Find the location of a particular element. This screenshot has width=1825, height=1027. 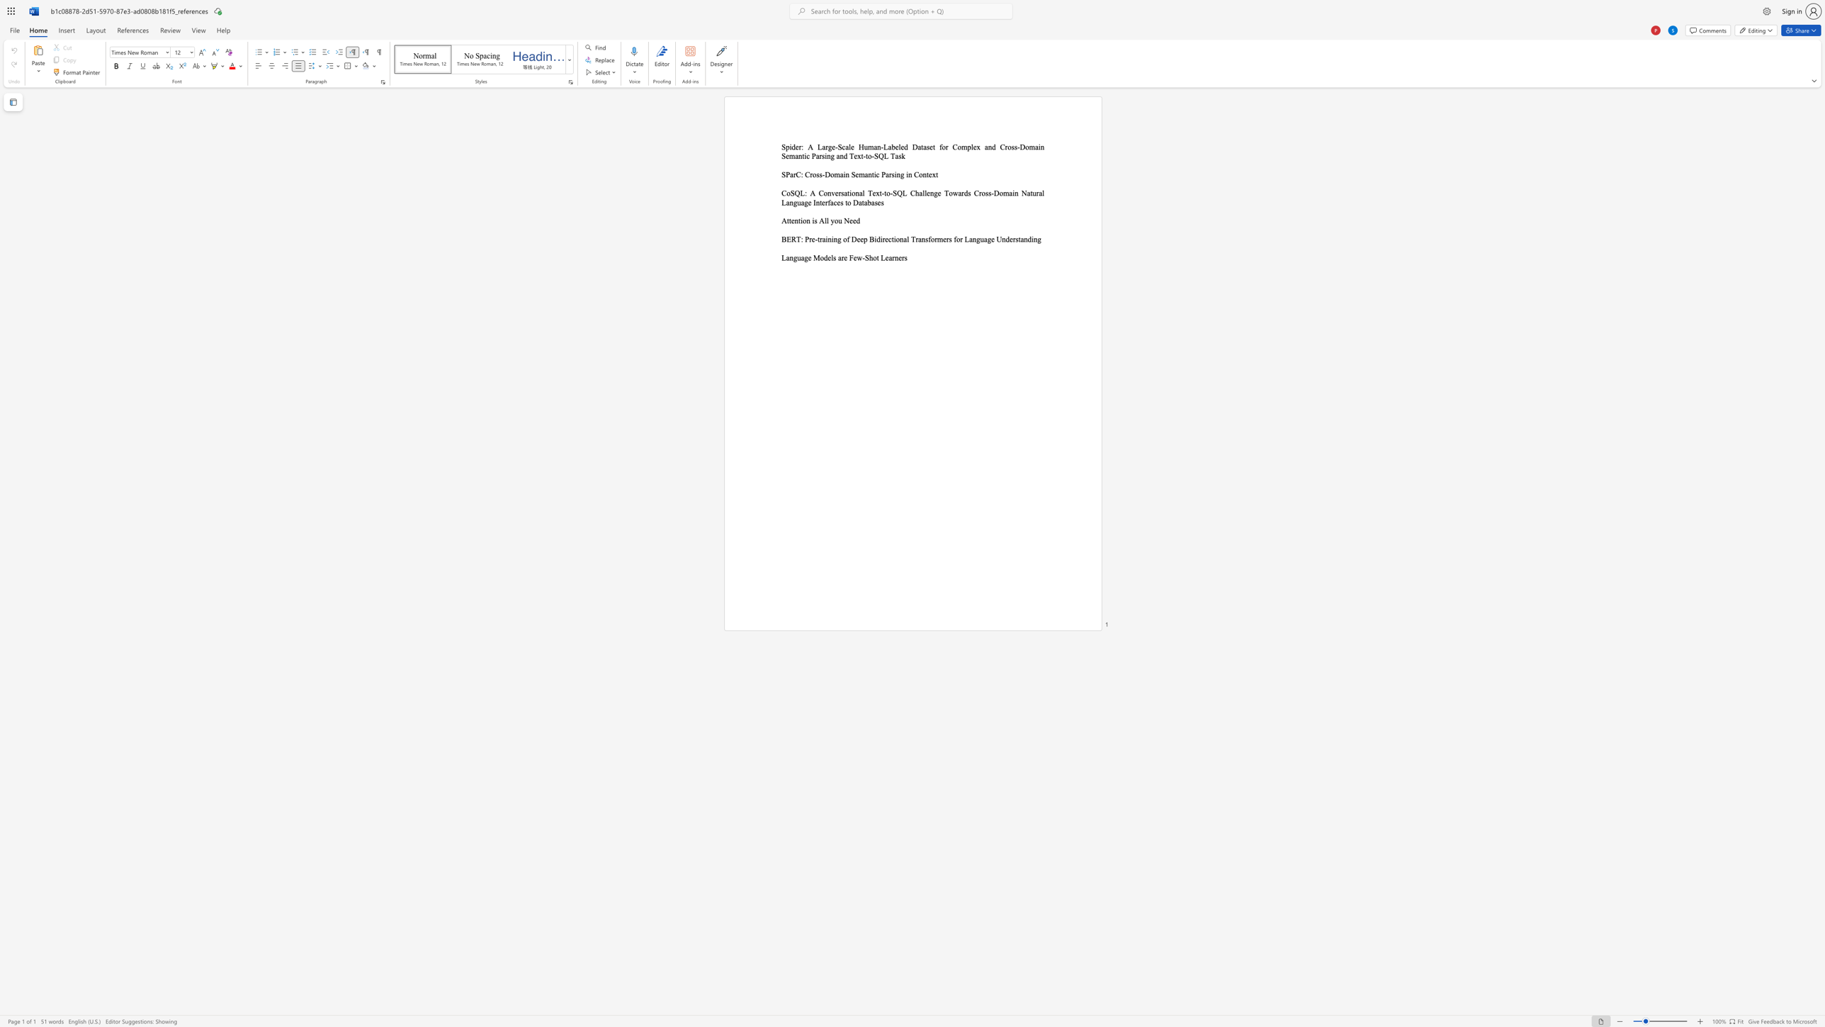

the subset text "main Semantic Parsing and T" within the text "Spider: A Large-Scale Human-Labeled Dataset for Complex and Cross-Domain Semantic Parsing and Text-to-SQL Task" is located at coordinates (1029, 147).